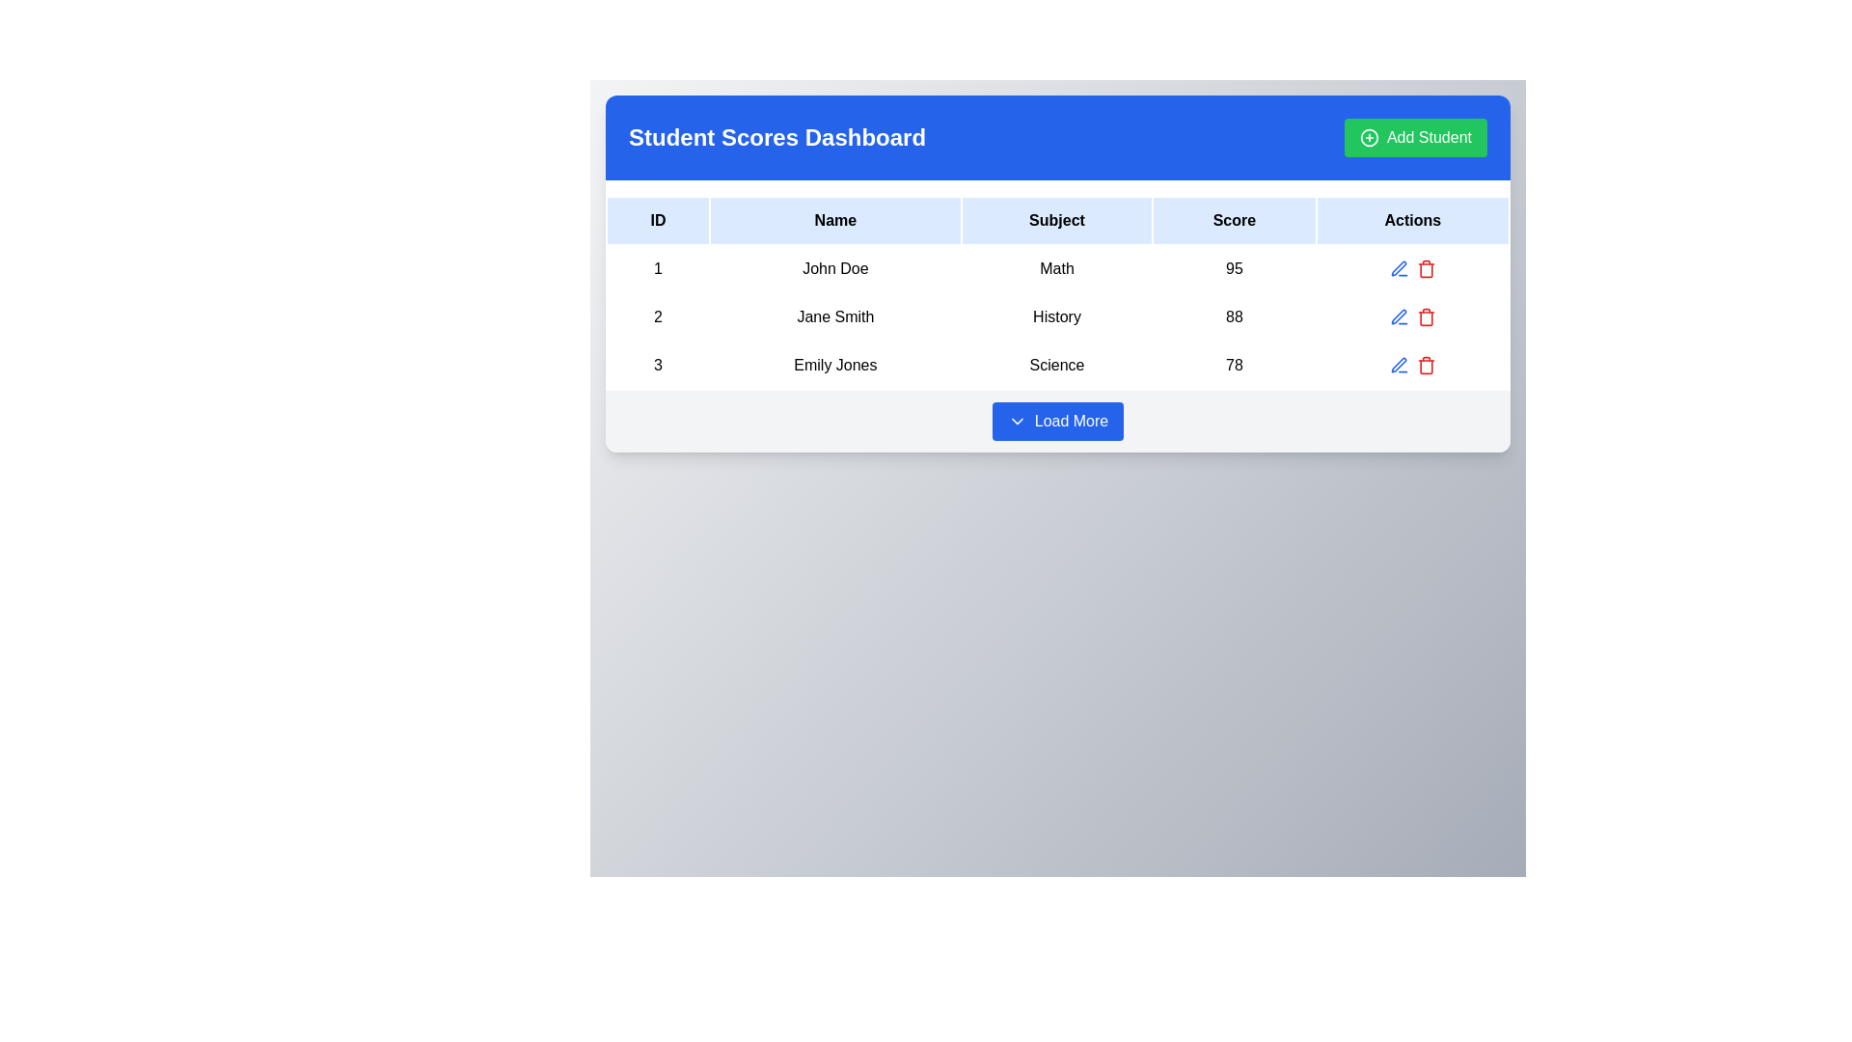 The image size is (1852, 1042). What do you see at coordinates (658, 219) in the screenshot?
I see `the Table Header Cell indicating IDs of entries, which is located in the top-left corner of the header row of the table` at bounding box center [658, 219].